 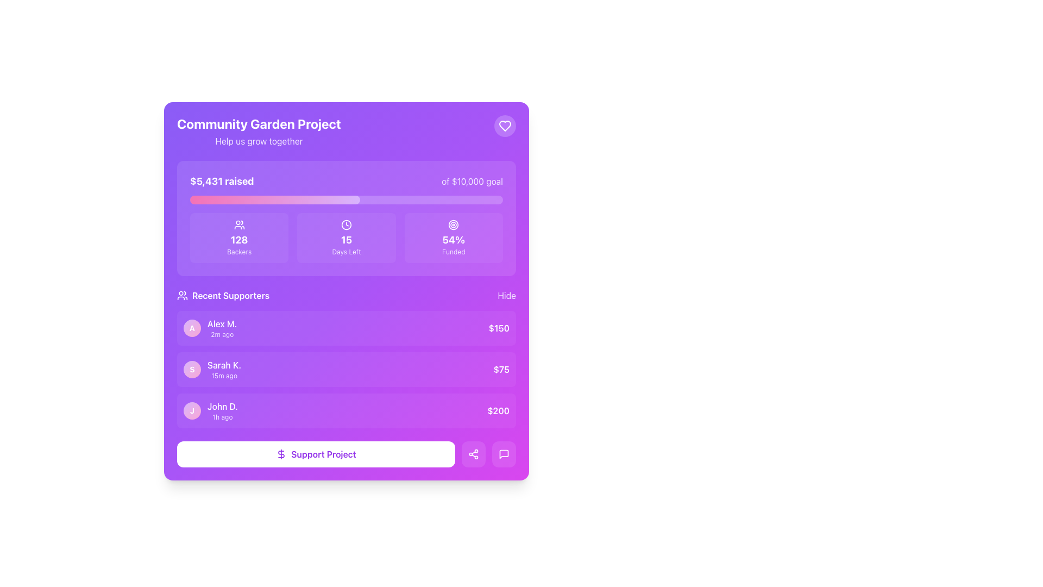 I want to click on the user's name, so click(x=222, y=411).